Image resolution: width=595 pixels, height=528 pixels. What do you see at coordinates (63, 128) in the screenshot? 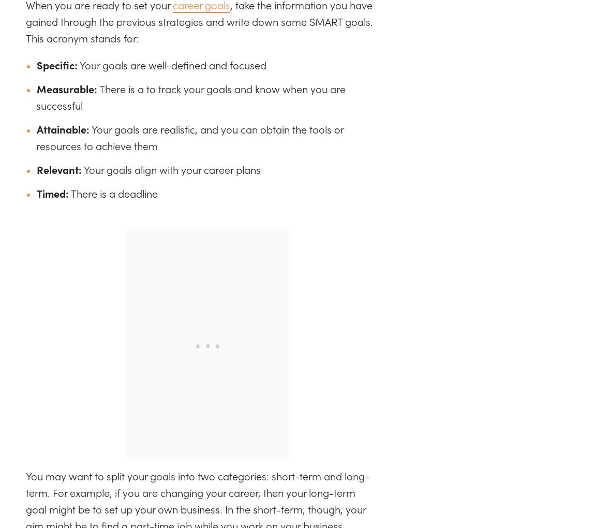
I see `'Attainable:'` at bounding box center [63, 128].